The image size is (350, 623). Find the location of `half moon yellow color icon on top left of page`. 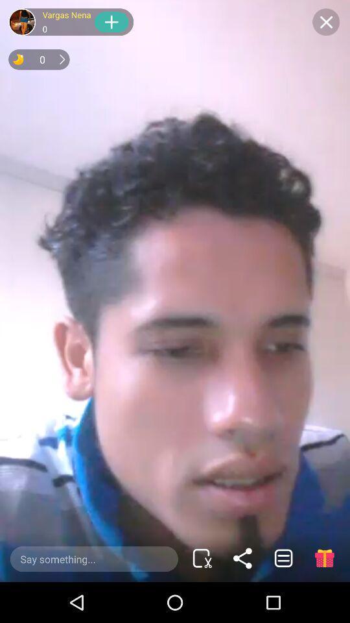

half moon yellow color icon on top left of page is located at coordinates (17, 59).